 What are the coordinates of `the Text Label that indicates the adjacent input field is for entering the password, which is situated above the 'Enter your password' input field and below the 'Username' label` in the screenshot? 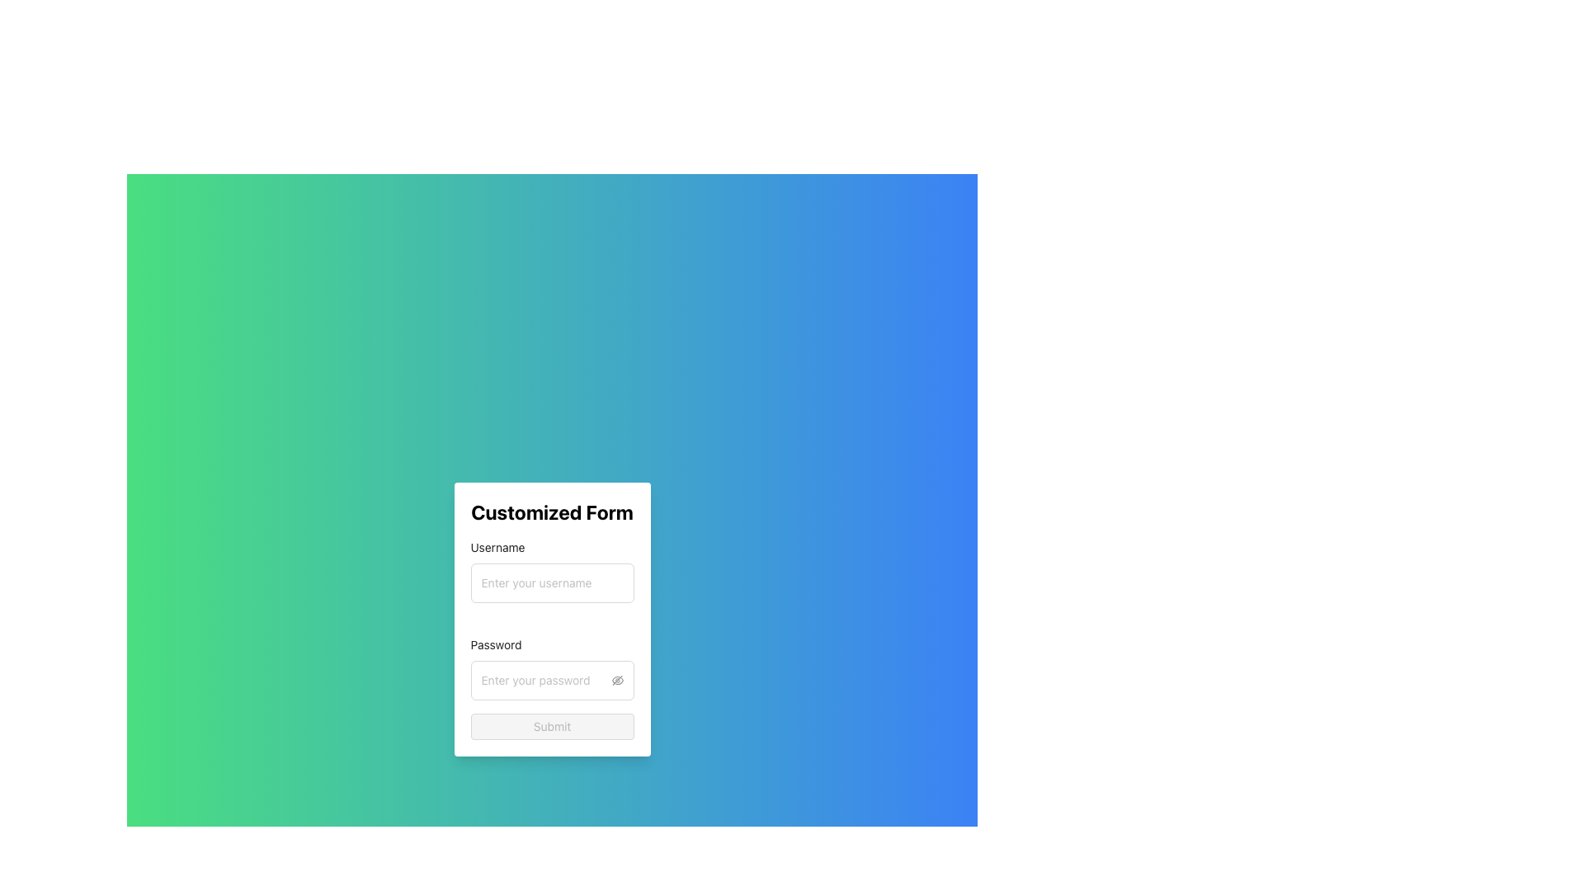 It's located at (501, 644).